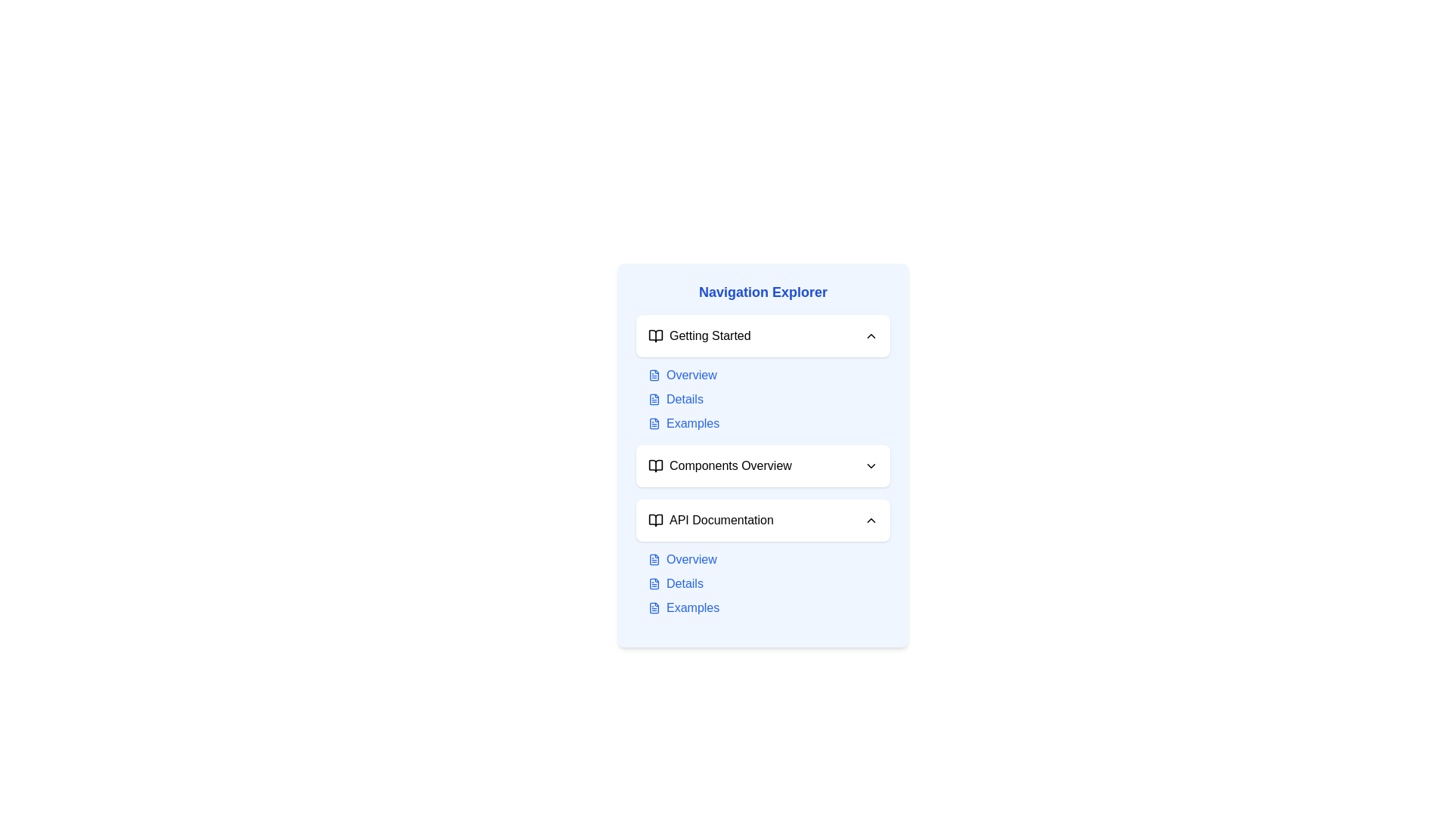  What do you see at coordinates (654, 423) in the screenshot?
I see `the document icon located to the left of the 'Examples' text link in the navigation menu, which is styled with a rectangular outline and small horizontal lines representing text` at bounding box center [654, 423].